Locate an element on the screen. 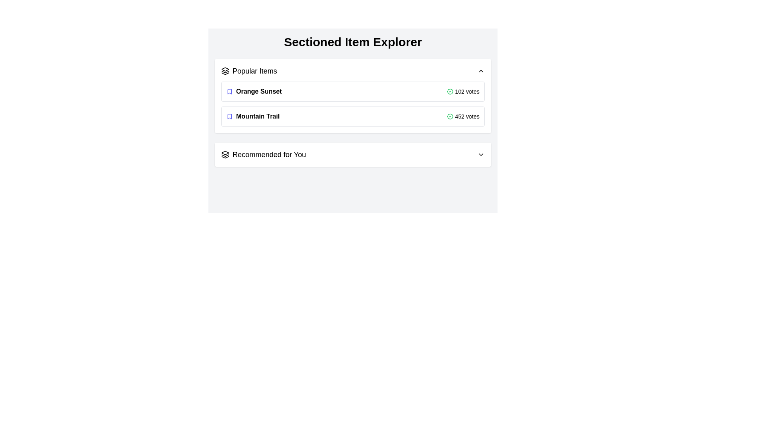 This screenshot has width=771, height=434. the text label that says 'Recommended for You', which is positioned near the bottom of the list and styled with medium font weight is located at coordinates (263, 155).